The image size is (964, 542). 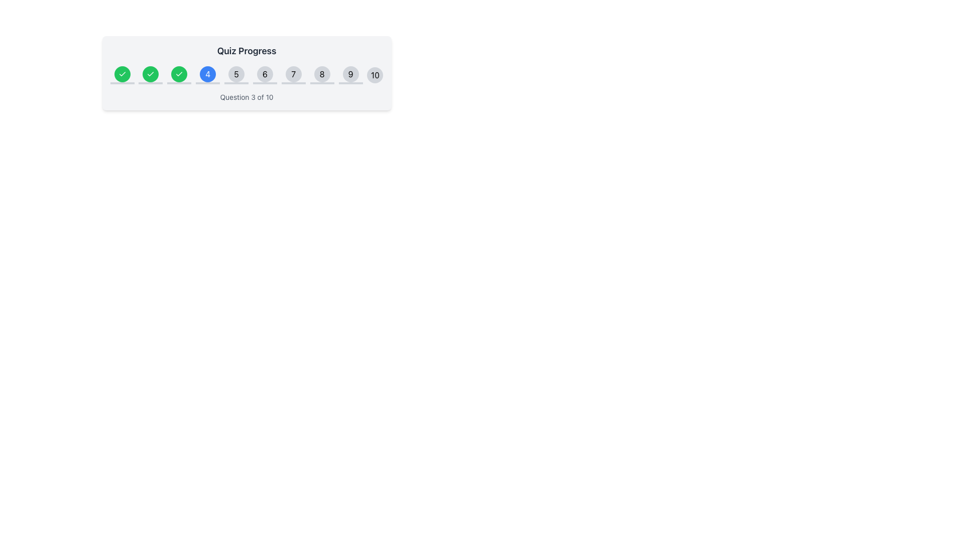 What do you see at coordinates (122, 73) in the screenshot?
I see `the green circular checkmark icon located at the top-left area of the quiz progress bar` at bounding box center [122, 73].